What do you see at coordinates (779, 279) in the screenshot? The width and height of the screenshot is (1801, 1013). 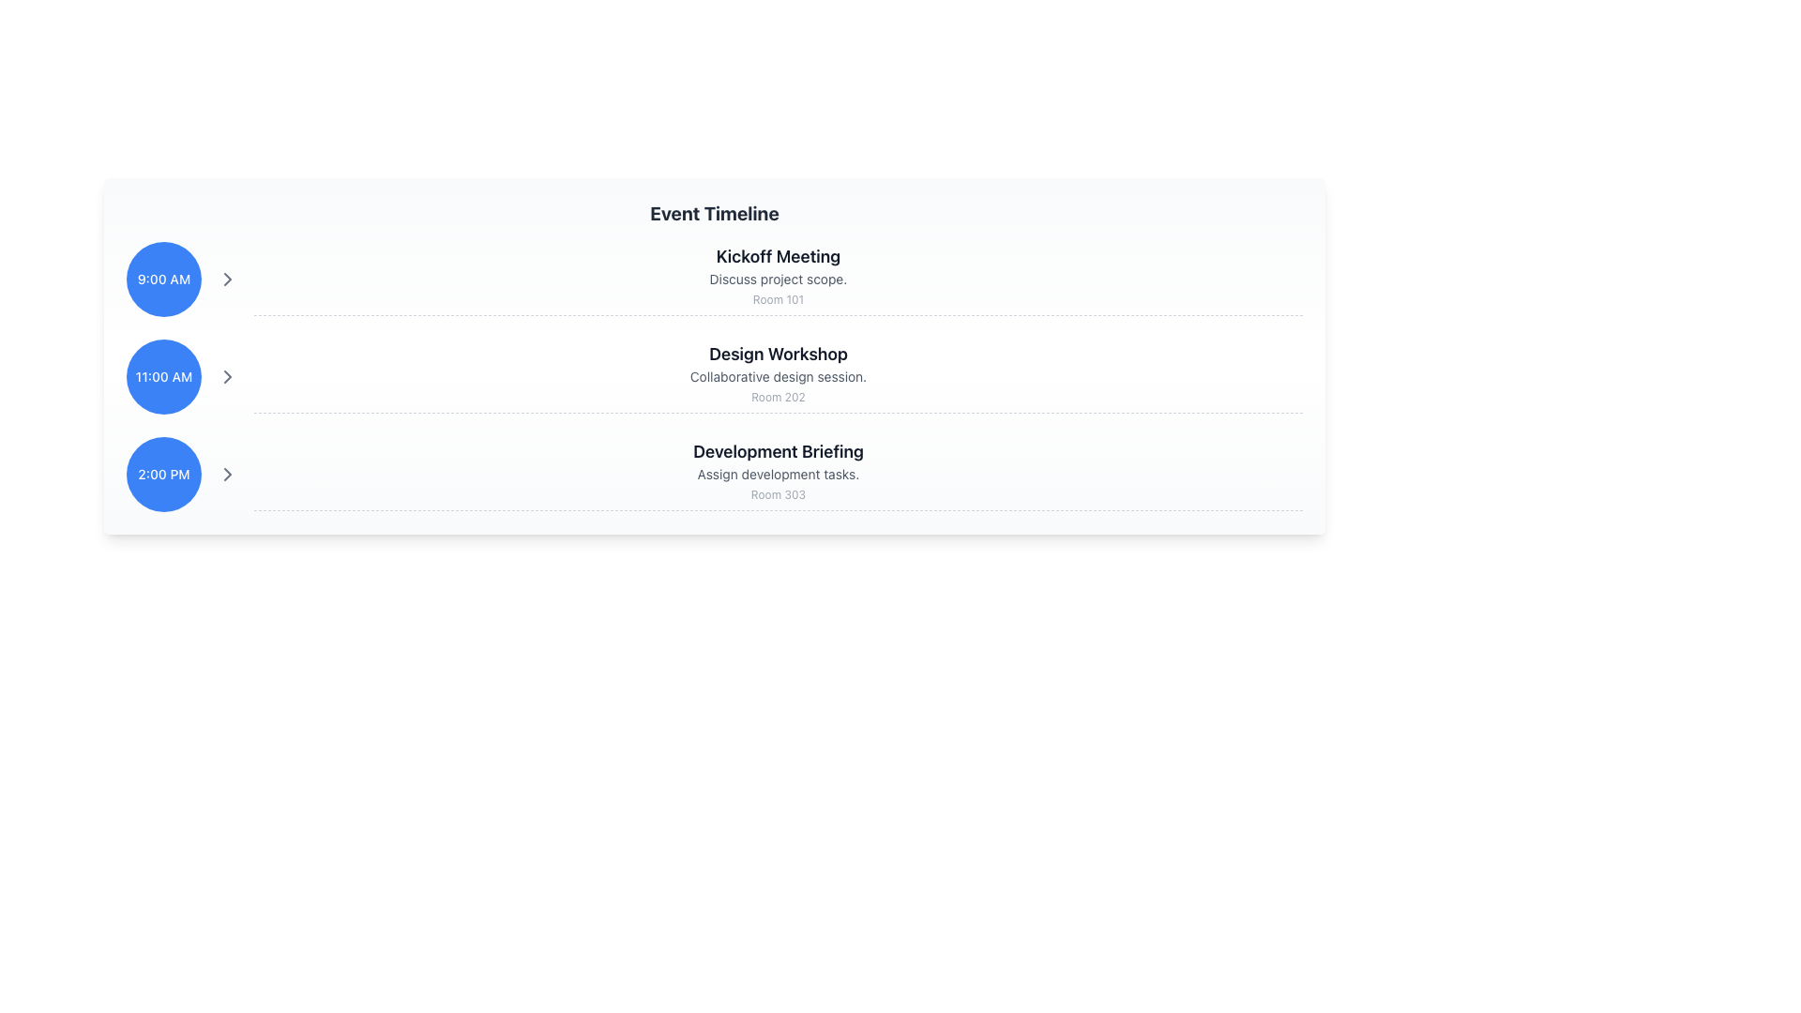 I see `the Text Label that provides supplementary information about the event 'Kickoff Meeting', which is centrally aligned and positioned between the heading and 'Room 101'` at bounding box center [779, 279].